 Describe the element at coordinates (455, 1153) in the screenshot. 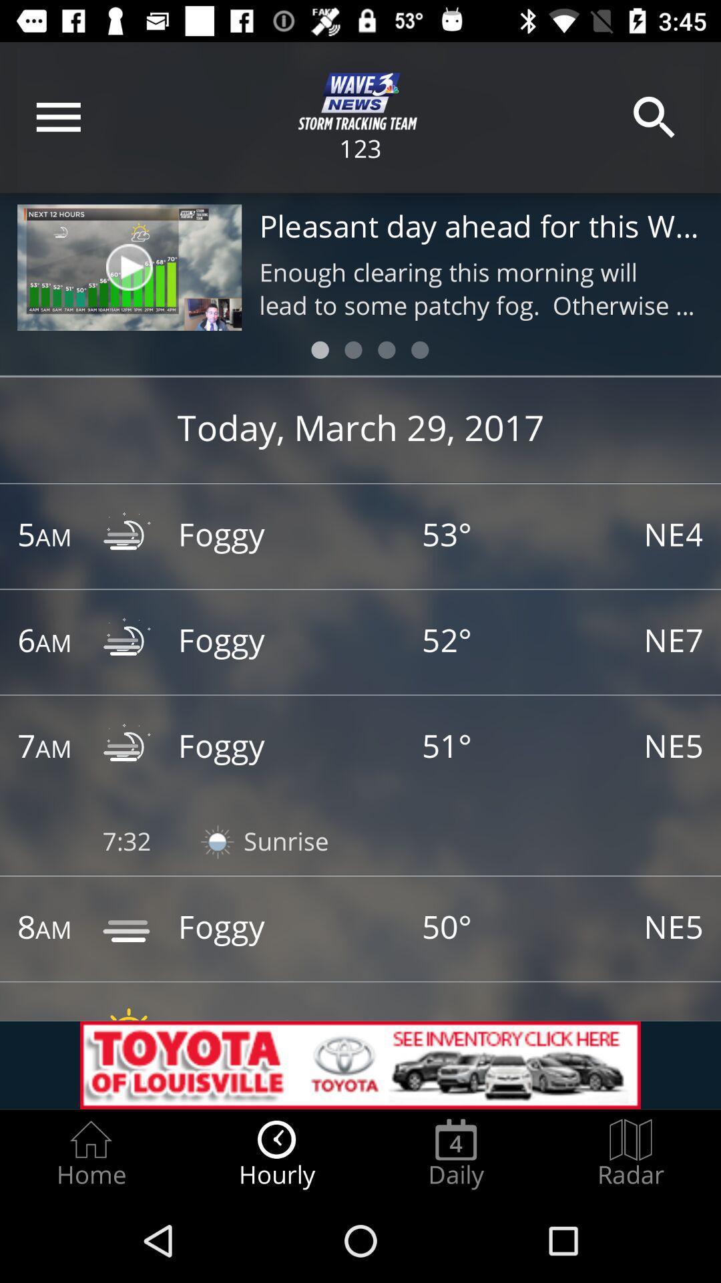

I see `the item next to the hourly radio button` at that location.